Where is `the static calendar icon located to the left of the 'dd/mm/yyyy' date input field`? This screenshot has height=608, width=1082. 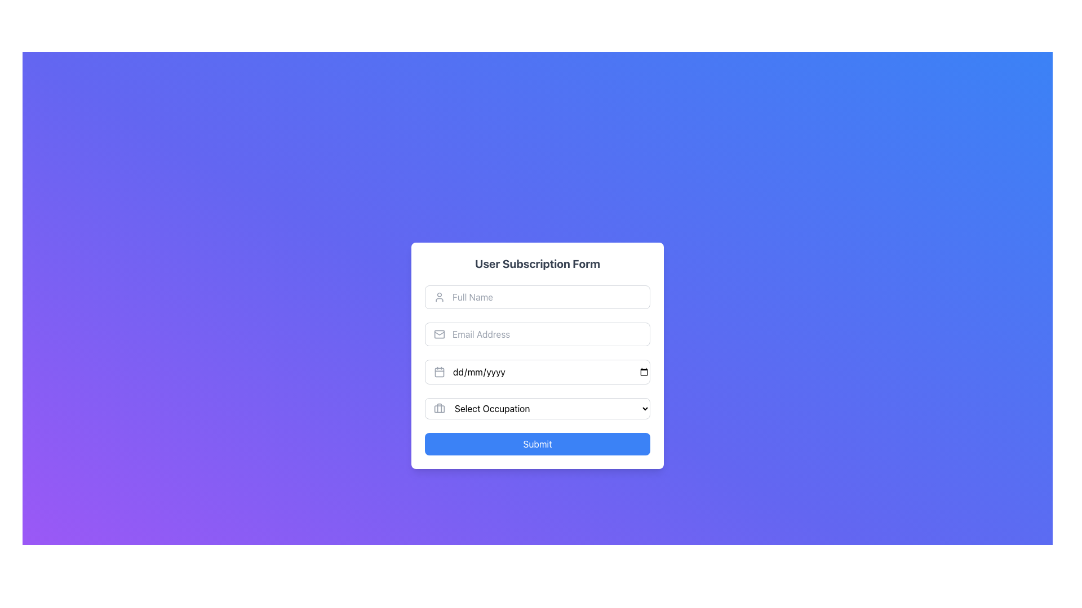 the static calendar icon located to the left of the 'dd/mm/yyyy' date input field is located at coordinates (438, 372).